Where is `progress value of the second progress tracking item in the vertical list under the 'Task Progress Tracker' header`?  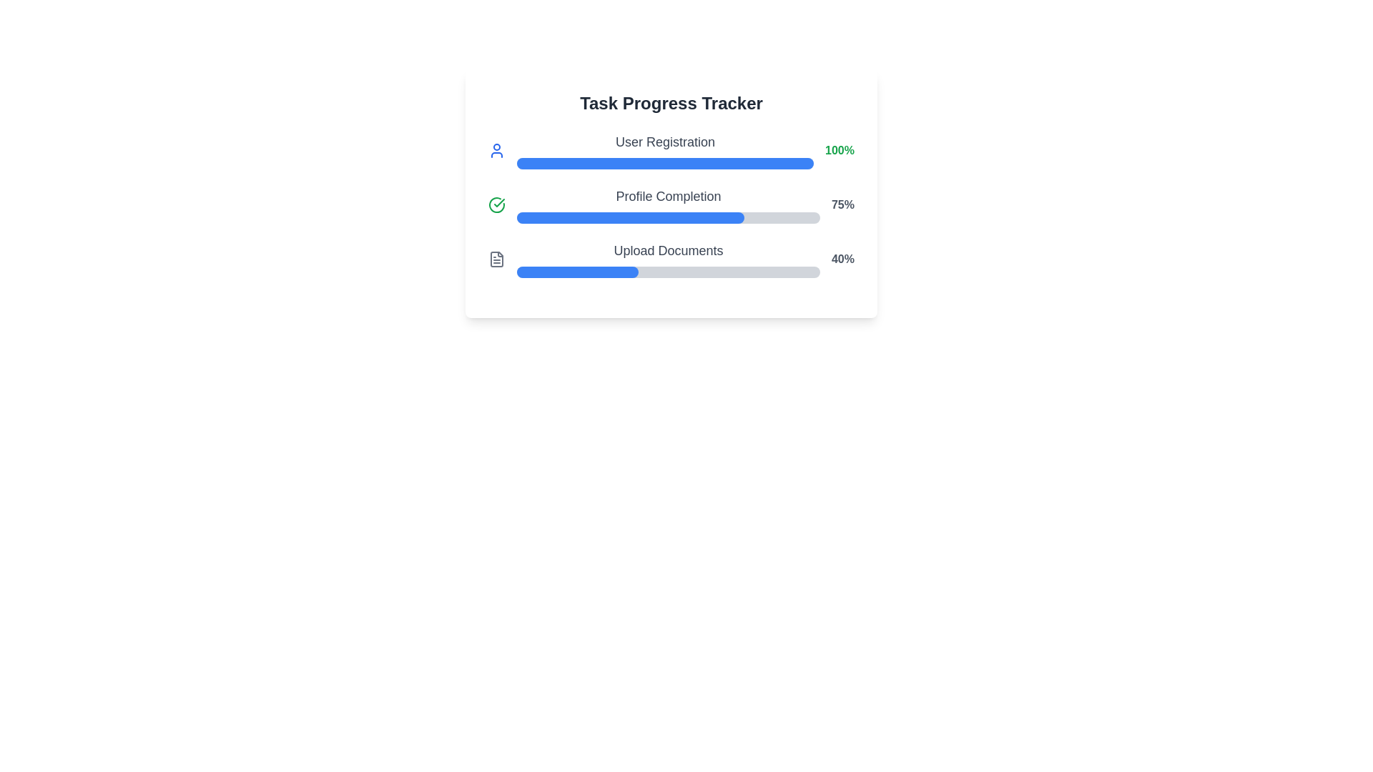 progress value of the second progress tracking item in the vertical list under the 'Task Progress Tracker' header is located at coordinates (671, 204).